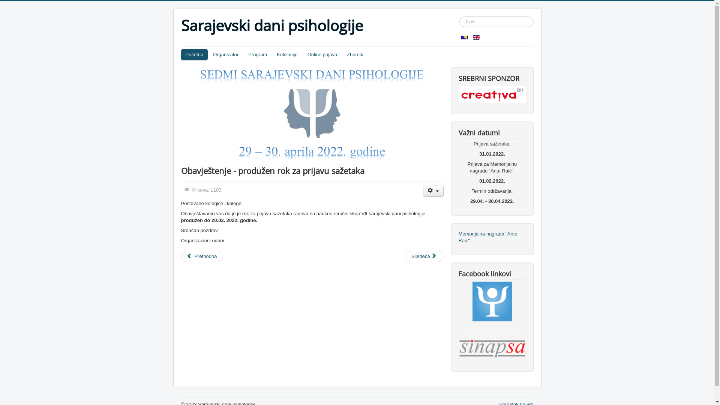 This screenshot has width=720, height=405. What do you see at coordinates (492, 94) in the screenshot?
I see `'CREATIVA'` at bounding box center [492, 94].